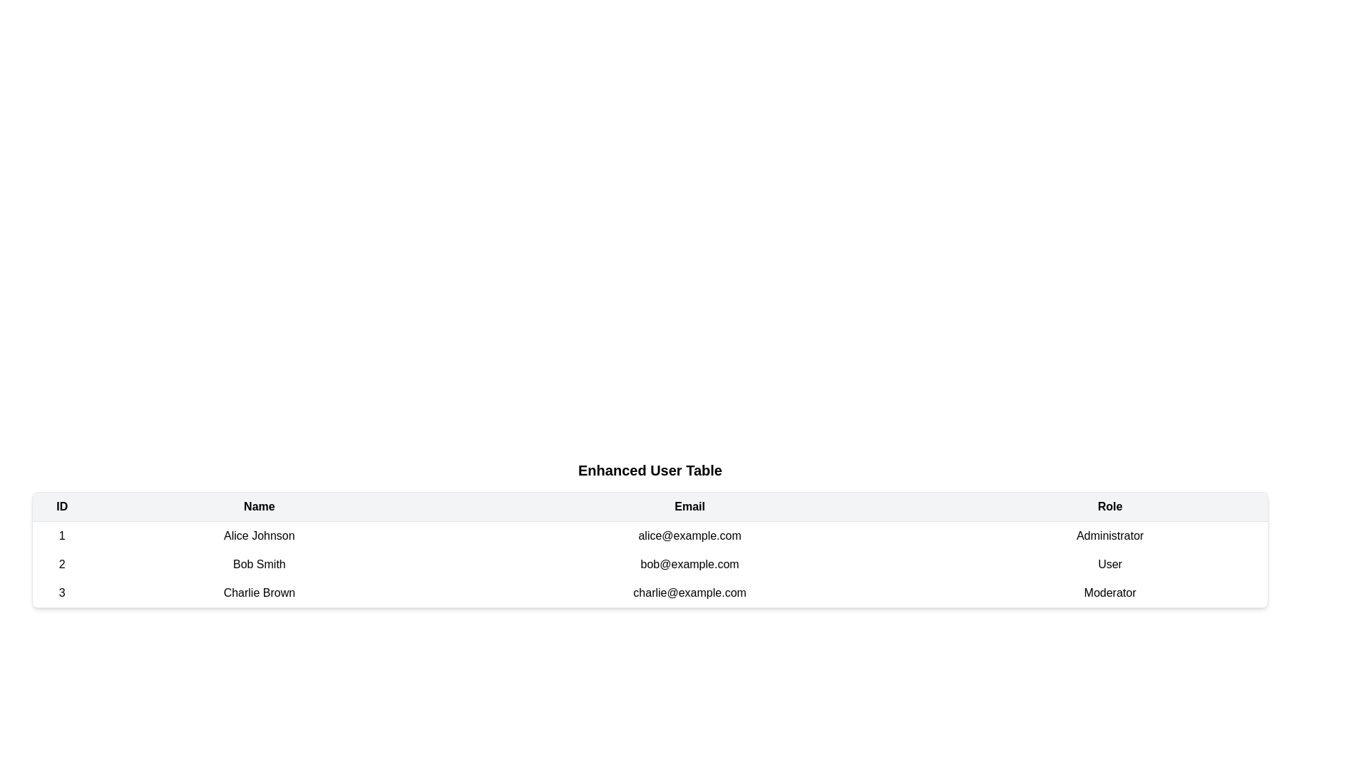 The height and width of the screenshot is (770, 1369). Describe the element at coordinates (61, 506) in the screenshot. I see `the 'ID' column header cell located at the top-left of the table, which is the first column in a row of four headers` at that location.